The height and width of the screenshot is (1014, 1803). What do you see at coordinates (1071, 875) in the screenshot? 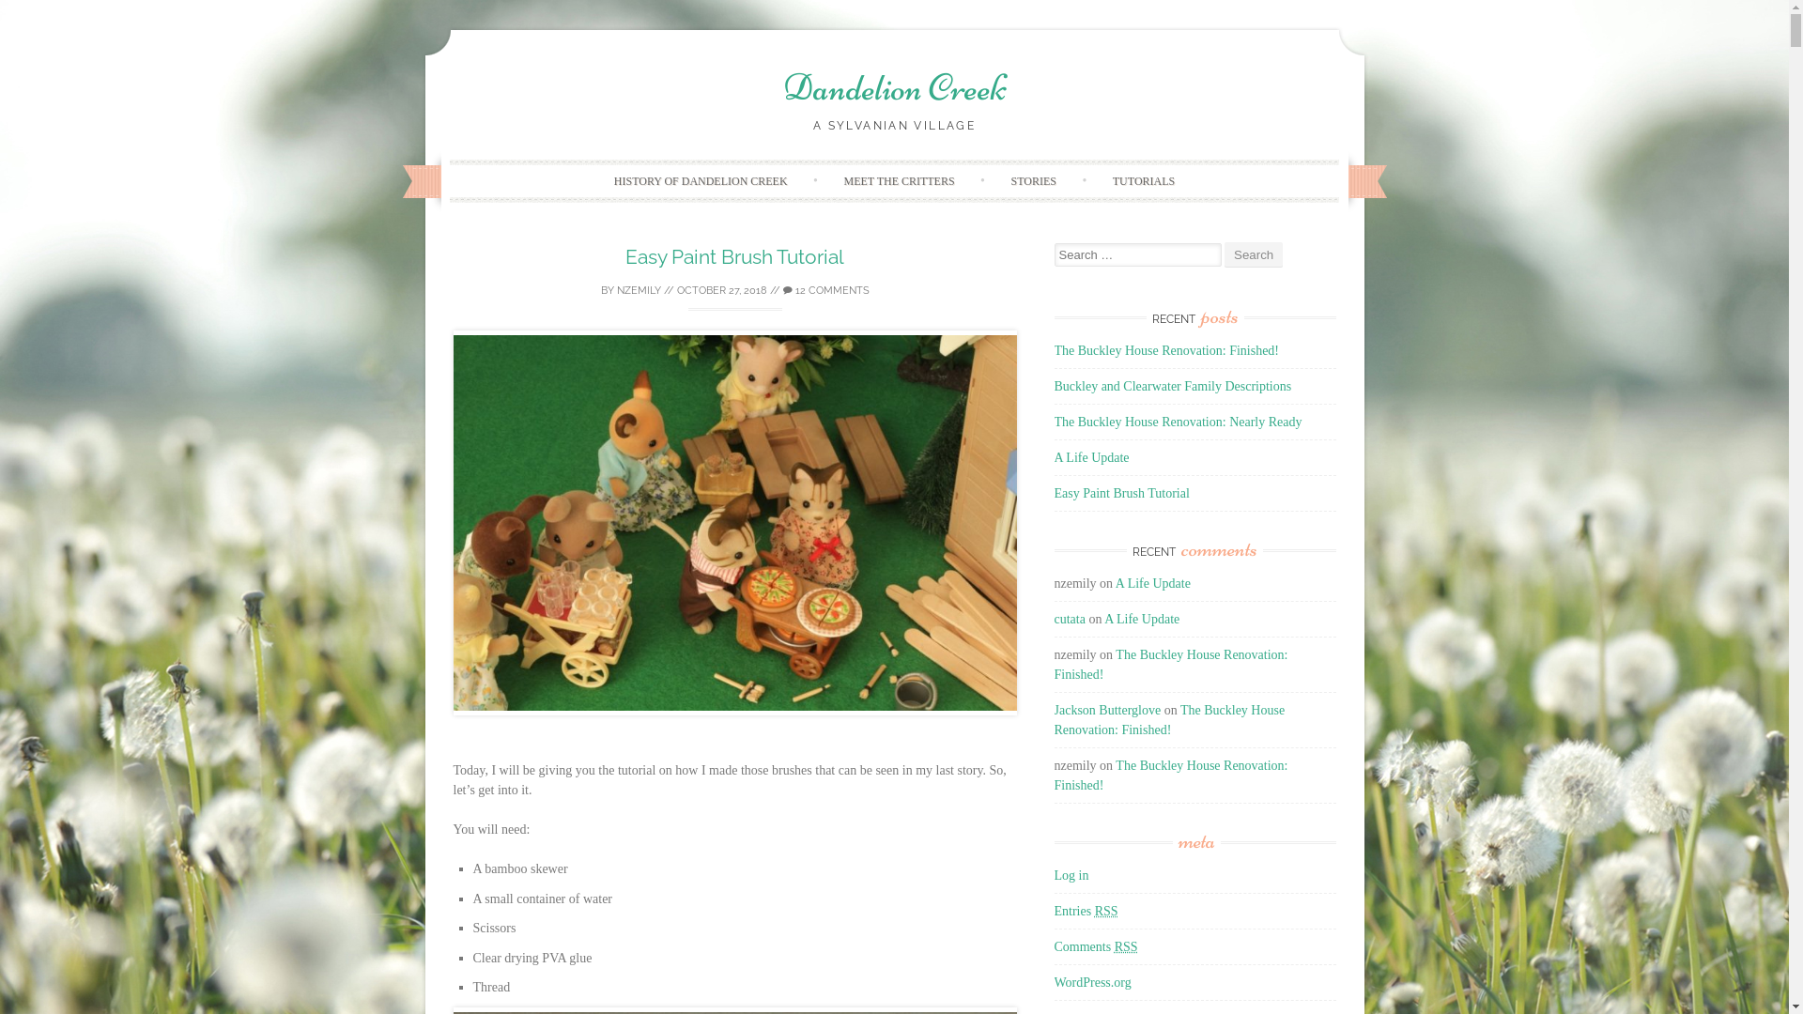
I see `'Log in'` at bounding box center [1071, 875].